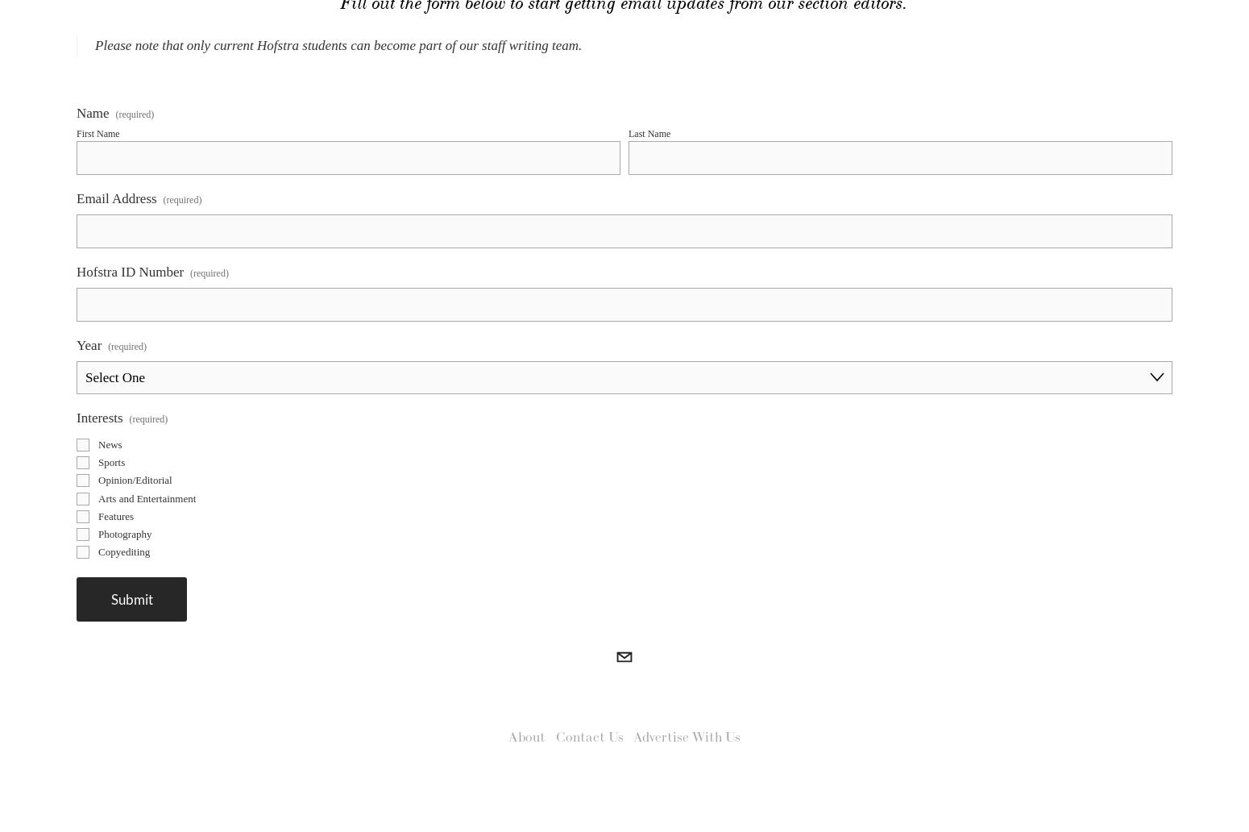  Describe the element at coordinates (129, 302) in the screenshot. I see `'Hofstra ID Number'` at that location.